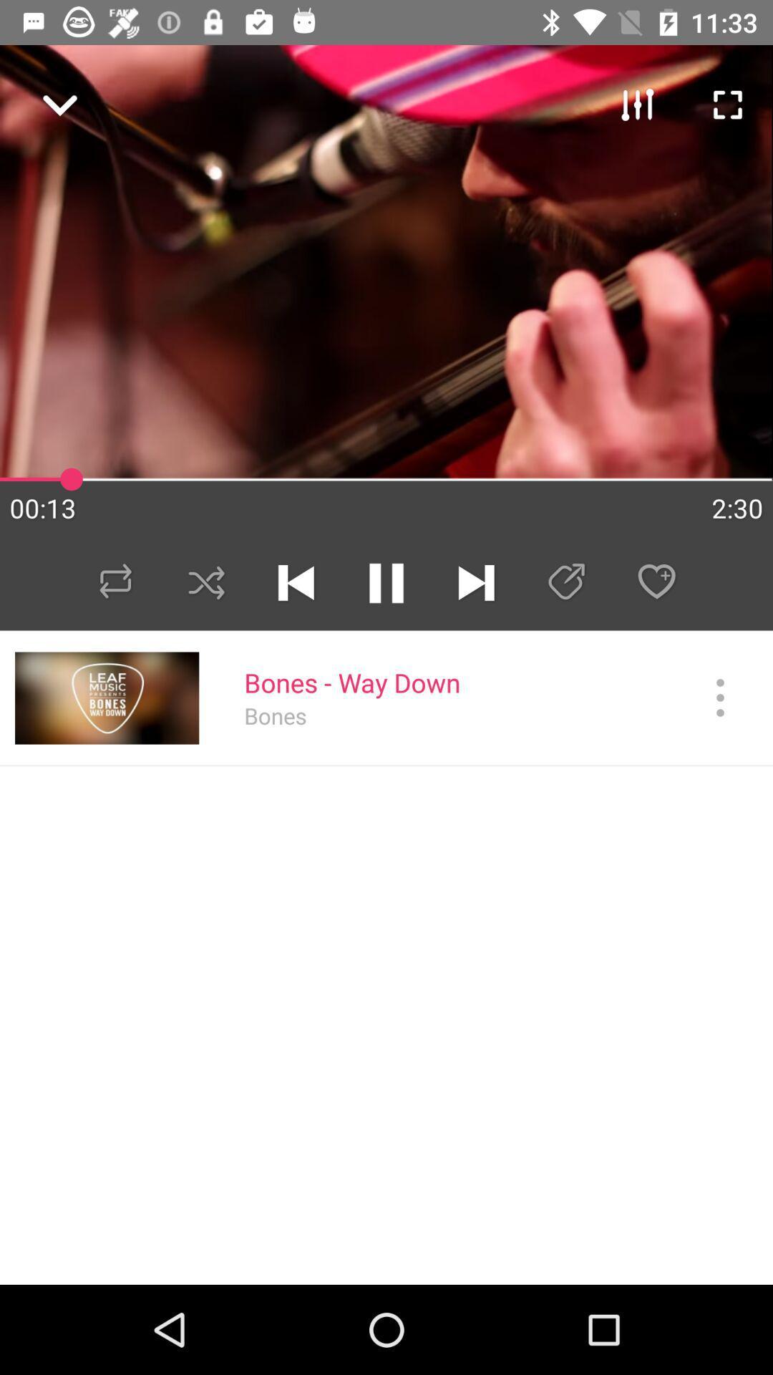  Describe the element at coordinates (720, 97) in the screenshot. I see `full screen in top right corner` at that location.